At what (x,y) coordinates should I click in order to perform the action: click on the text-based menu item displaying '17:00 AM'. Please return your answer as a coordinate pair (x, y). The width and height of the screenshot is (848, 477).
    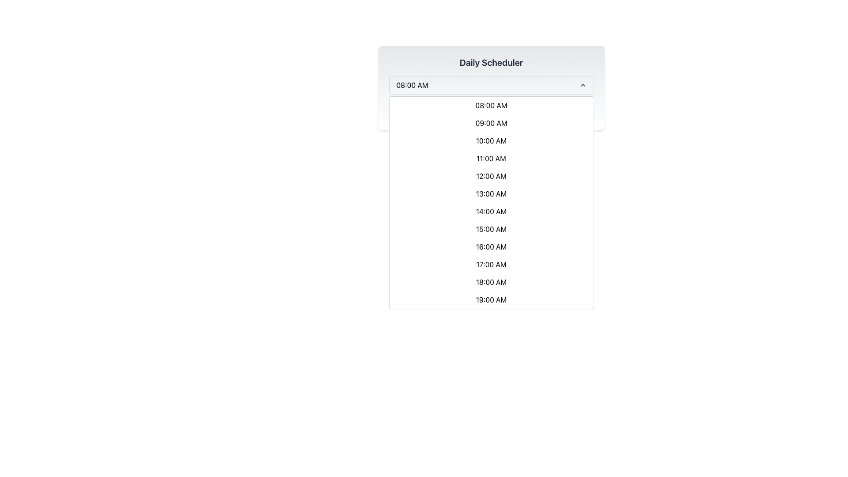
    Looking at the image, I should click on (491, 264).